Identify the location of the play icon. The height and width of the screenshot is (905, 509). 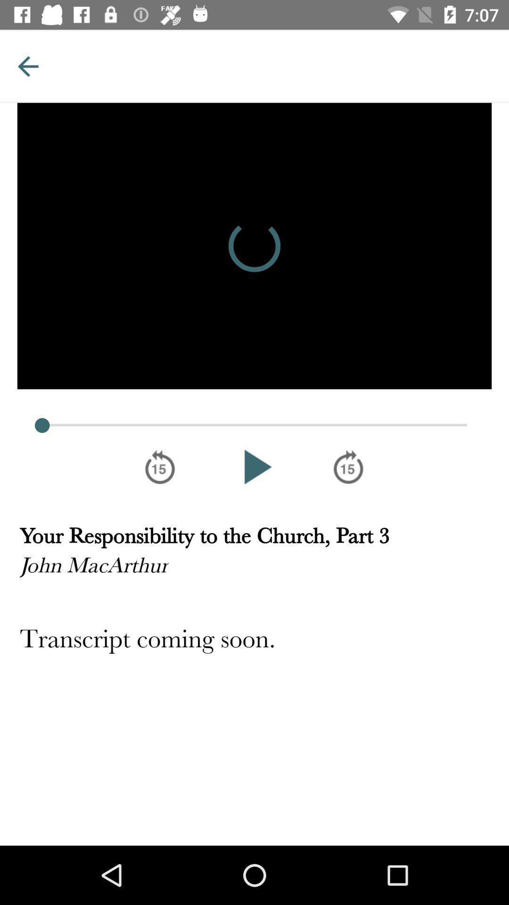
(254, 467).